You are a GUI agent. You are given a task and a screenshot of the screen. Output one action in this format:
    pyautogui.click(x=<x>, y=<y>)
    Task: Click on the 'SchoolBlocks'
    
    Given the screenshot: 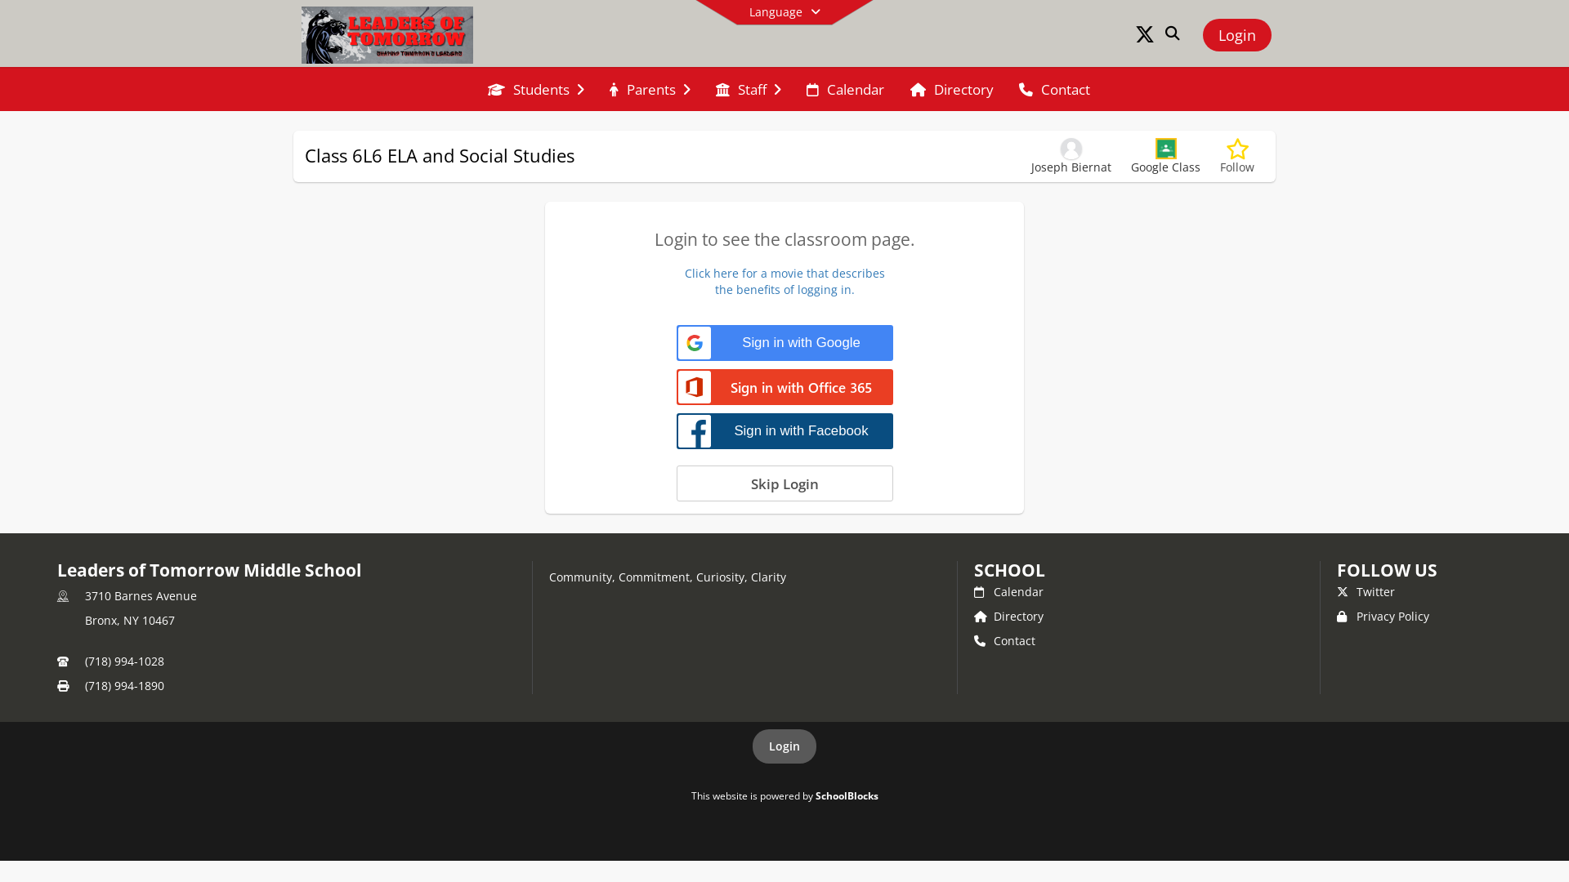 What is the action you would take?
    pyautogui.click(x=816, y=795)
    